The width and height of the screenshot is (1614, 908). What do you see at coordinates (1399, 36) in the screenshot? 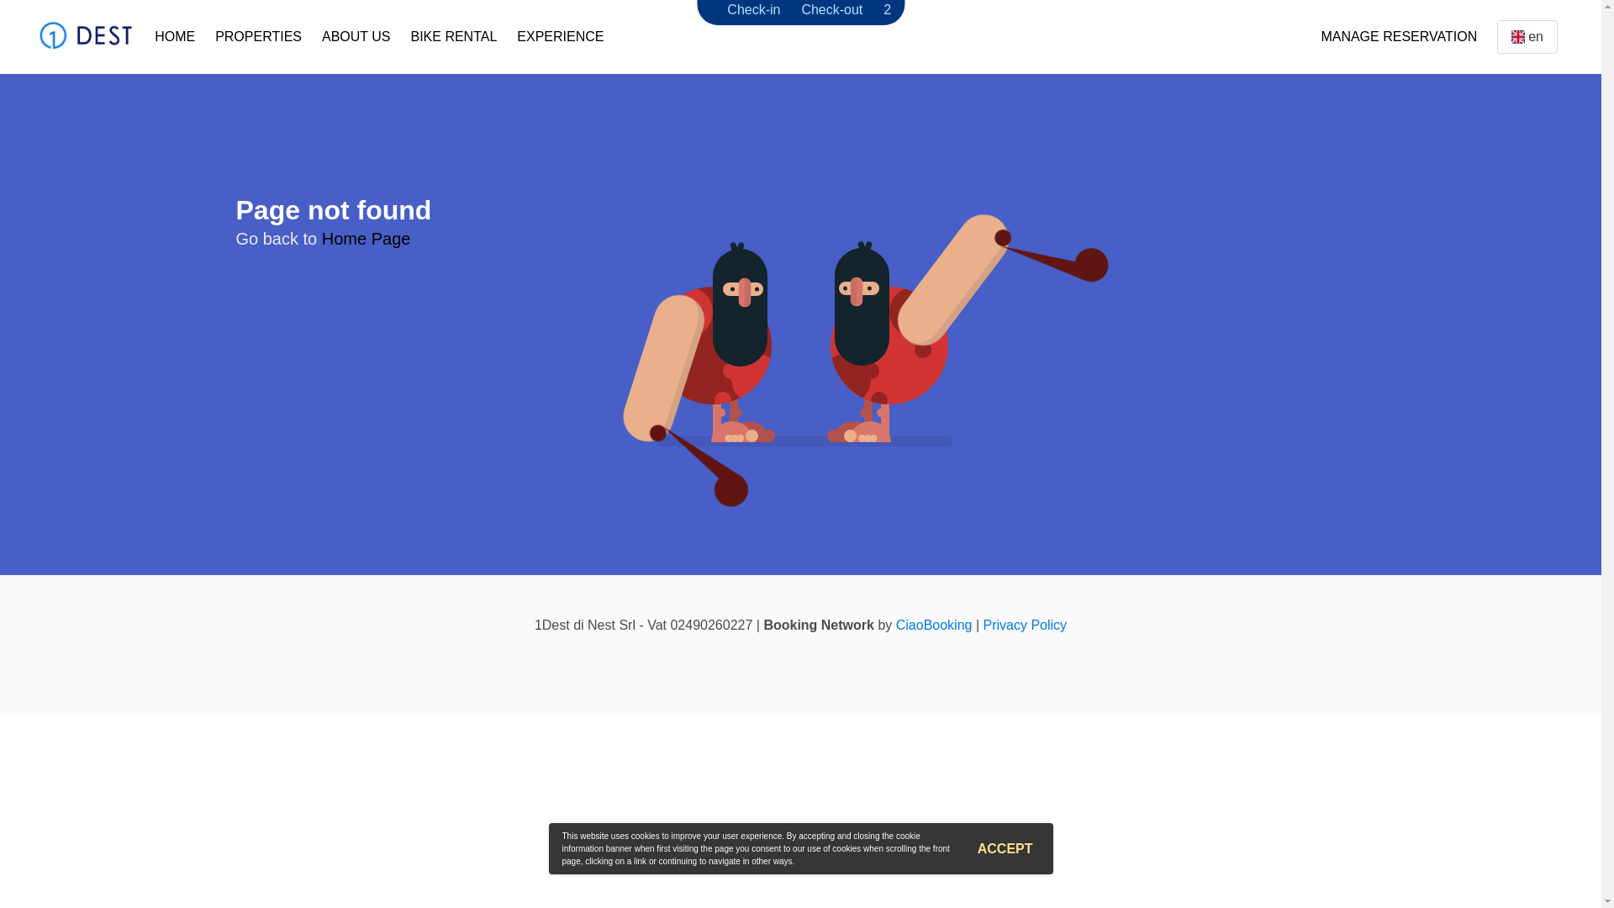
I see `'MANAGE RESERVATION'` at bounding box center [1399, 36].